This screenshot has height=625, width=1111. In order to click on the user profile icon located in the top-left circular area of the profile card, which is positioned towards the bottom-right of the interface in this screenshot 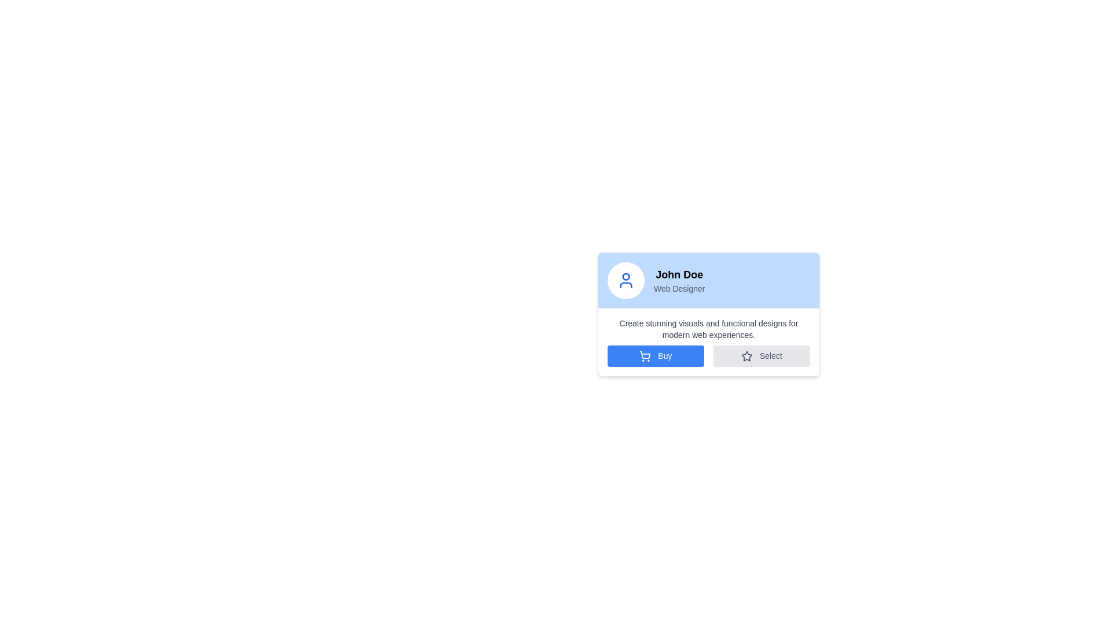, I will do `click(625, 281)`.